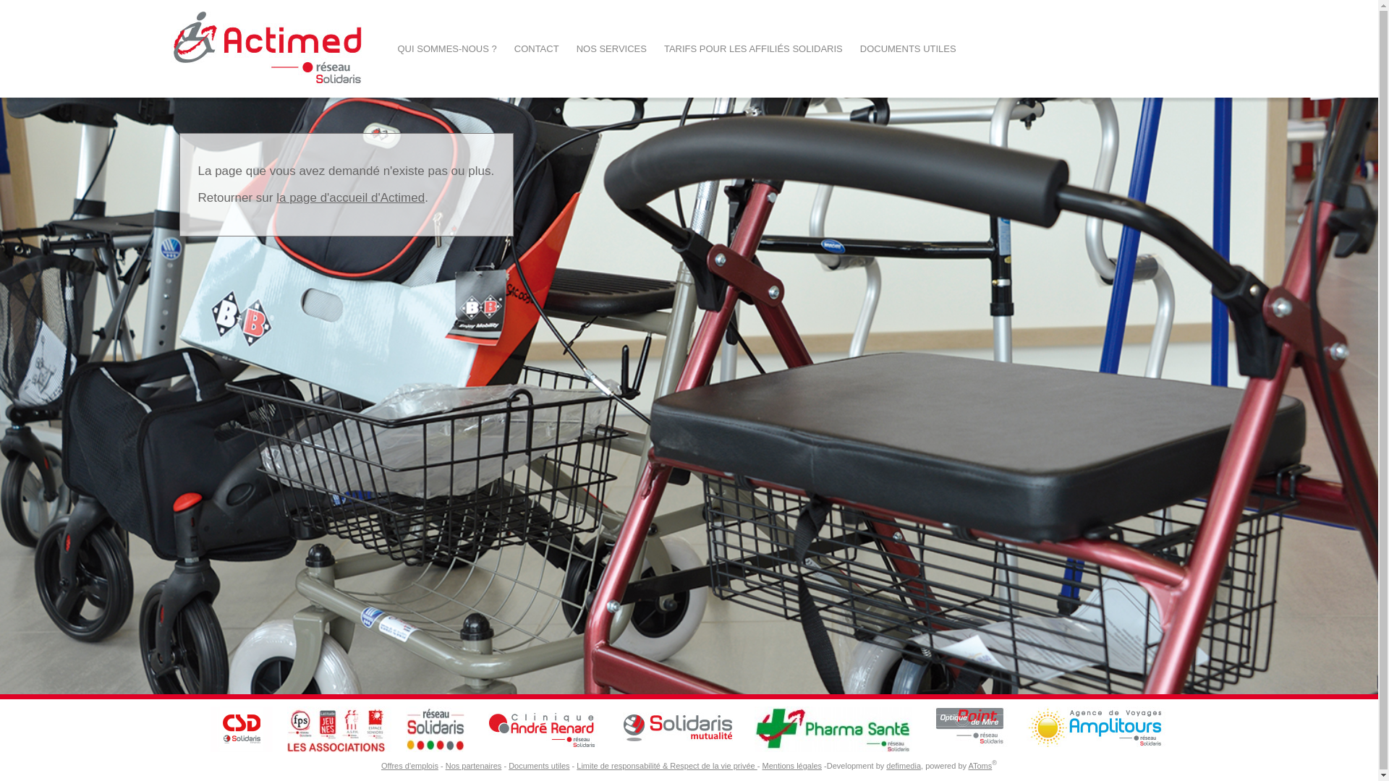 The width and height of the screenshot is (1389, 781). Describe the element at coordinates (902, 765) in the screenshot. I see `'defimedia'` at that location.